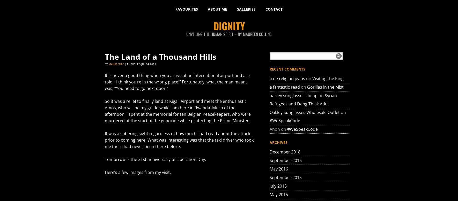 Image resolution: width=458 pixels, height=201 pixels. Describe the element at coordinates (303, 99) in the screenshot. I see `'Syrian Refugees and Deng Thiak Adut'` at that location.